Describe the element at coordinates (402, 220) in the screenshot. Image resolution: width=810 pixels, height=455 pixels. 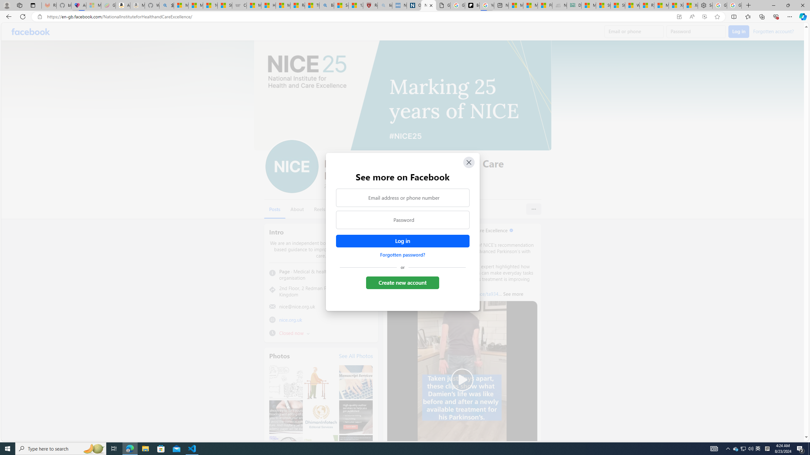
I see `'Password'` at that location.